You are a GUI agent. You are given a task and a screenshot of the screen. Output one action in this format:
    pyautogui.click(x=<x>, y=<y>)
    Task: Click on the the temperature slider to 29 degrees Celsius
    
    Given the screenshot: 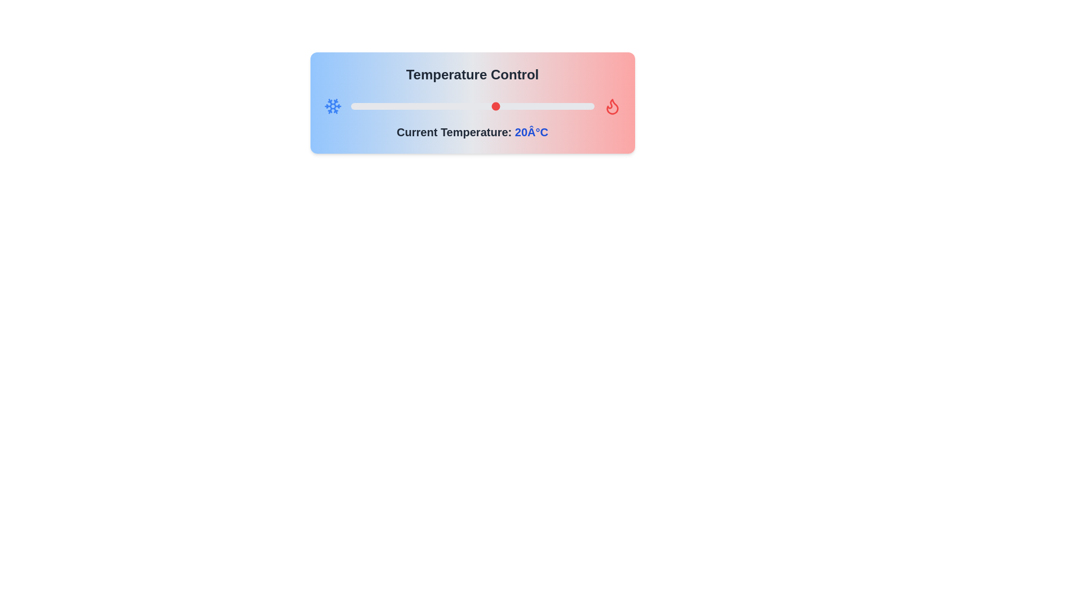 What is the action you would take?
    pyautogui.click(x=540, y=106)
    